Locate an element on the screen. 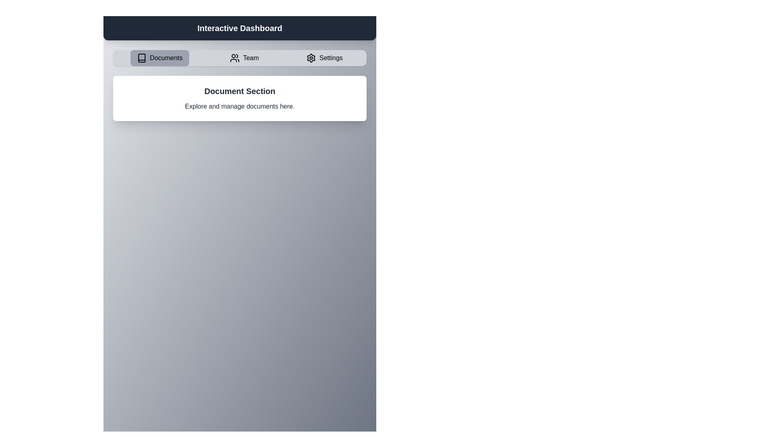  contents of the Header or Title Banner, which serves as the primary title for the interactive dashboard interface is located at coordinates (239, 27).